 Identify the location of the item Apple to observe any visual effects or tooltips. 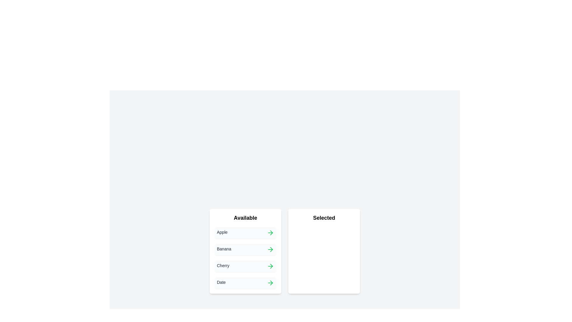
(245, 232).